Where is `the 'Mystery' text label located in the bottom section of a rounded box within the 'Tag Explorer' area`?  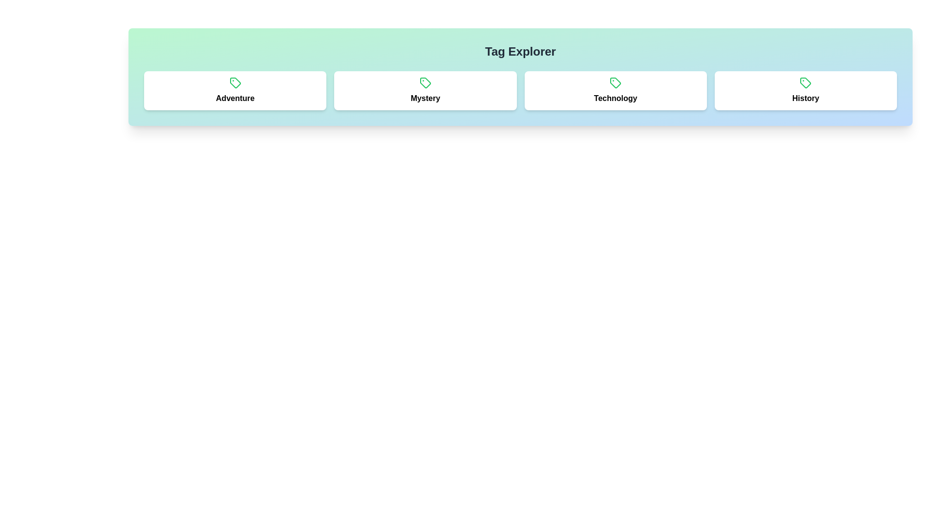 the 'Mystery' text label located in the bottom section of a rounded box within the 'Tag Explorer' area is located at coordinates (425, 98).